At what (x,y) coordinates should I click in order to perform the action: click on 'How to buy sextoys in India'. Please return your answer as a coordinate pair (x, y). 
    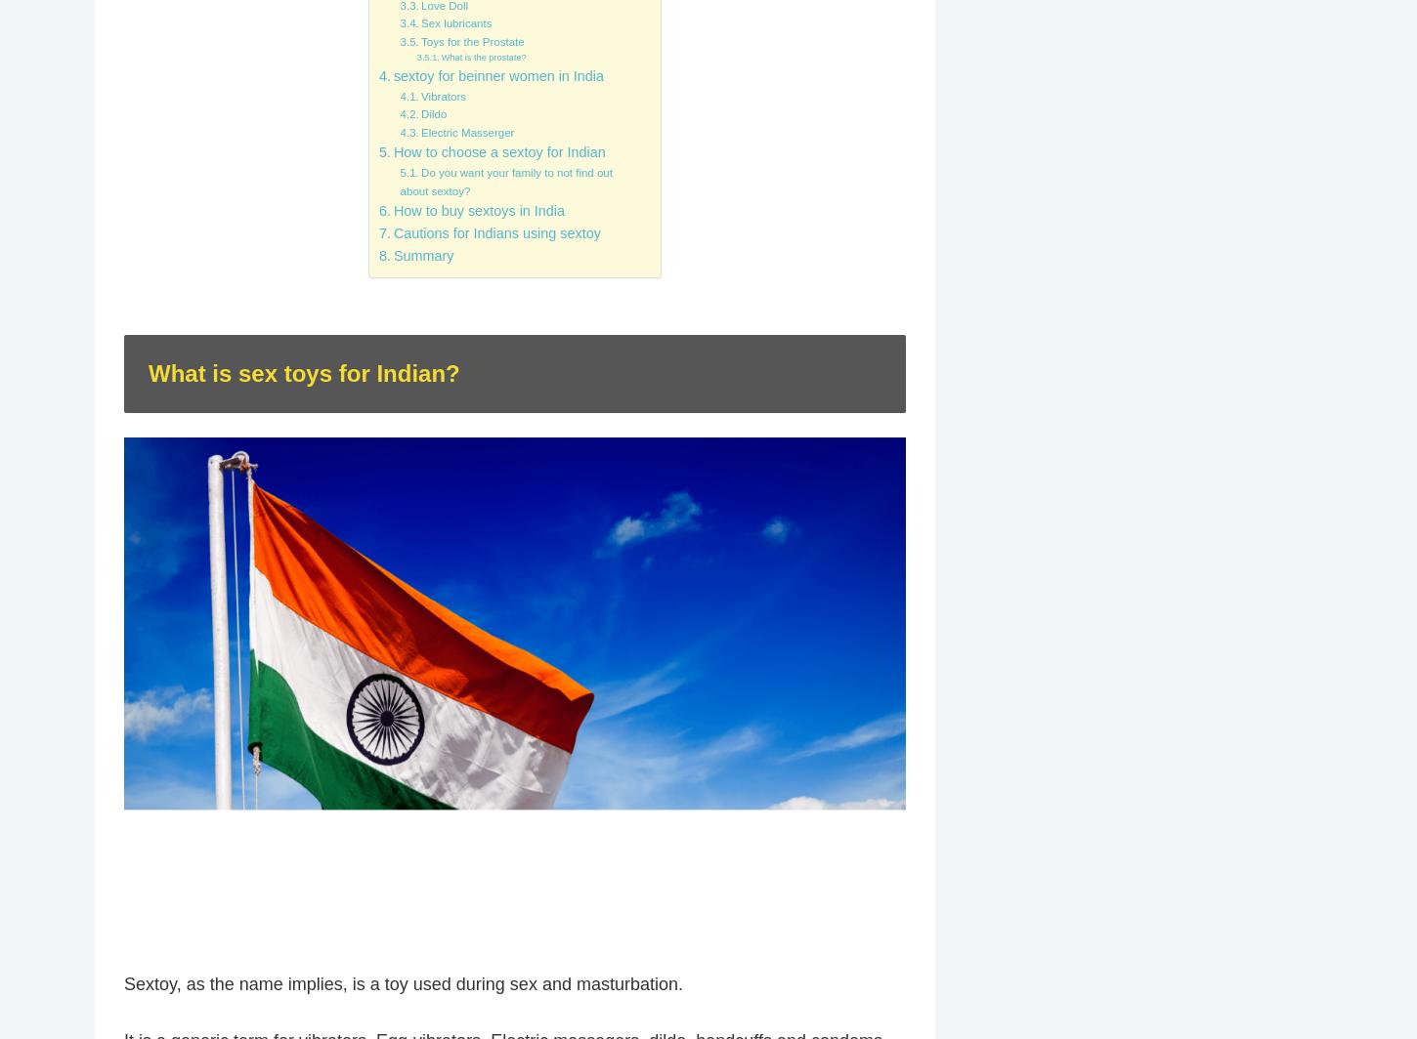
    Looking at the image, I should click on (391, 210).